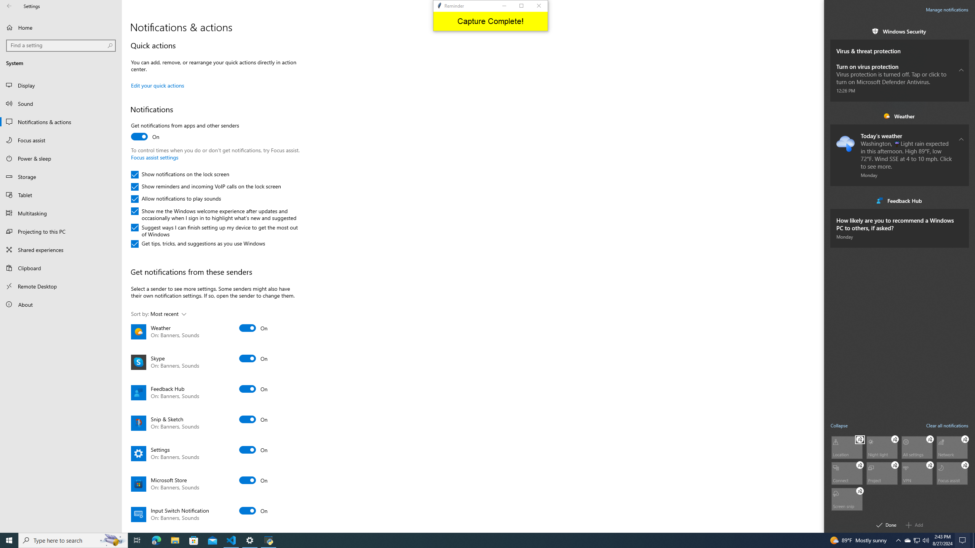 The height and width of the screenshot is (548, 975). What do you see at coordinates (930, 465) in the screenshot?
I see `'VPN Unpin'` at bounding box center [930, 465].